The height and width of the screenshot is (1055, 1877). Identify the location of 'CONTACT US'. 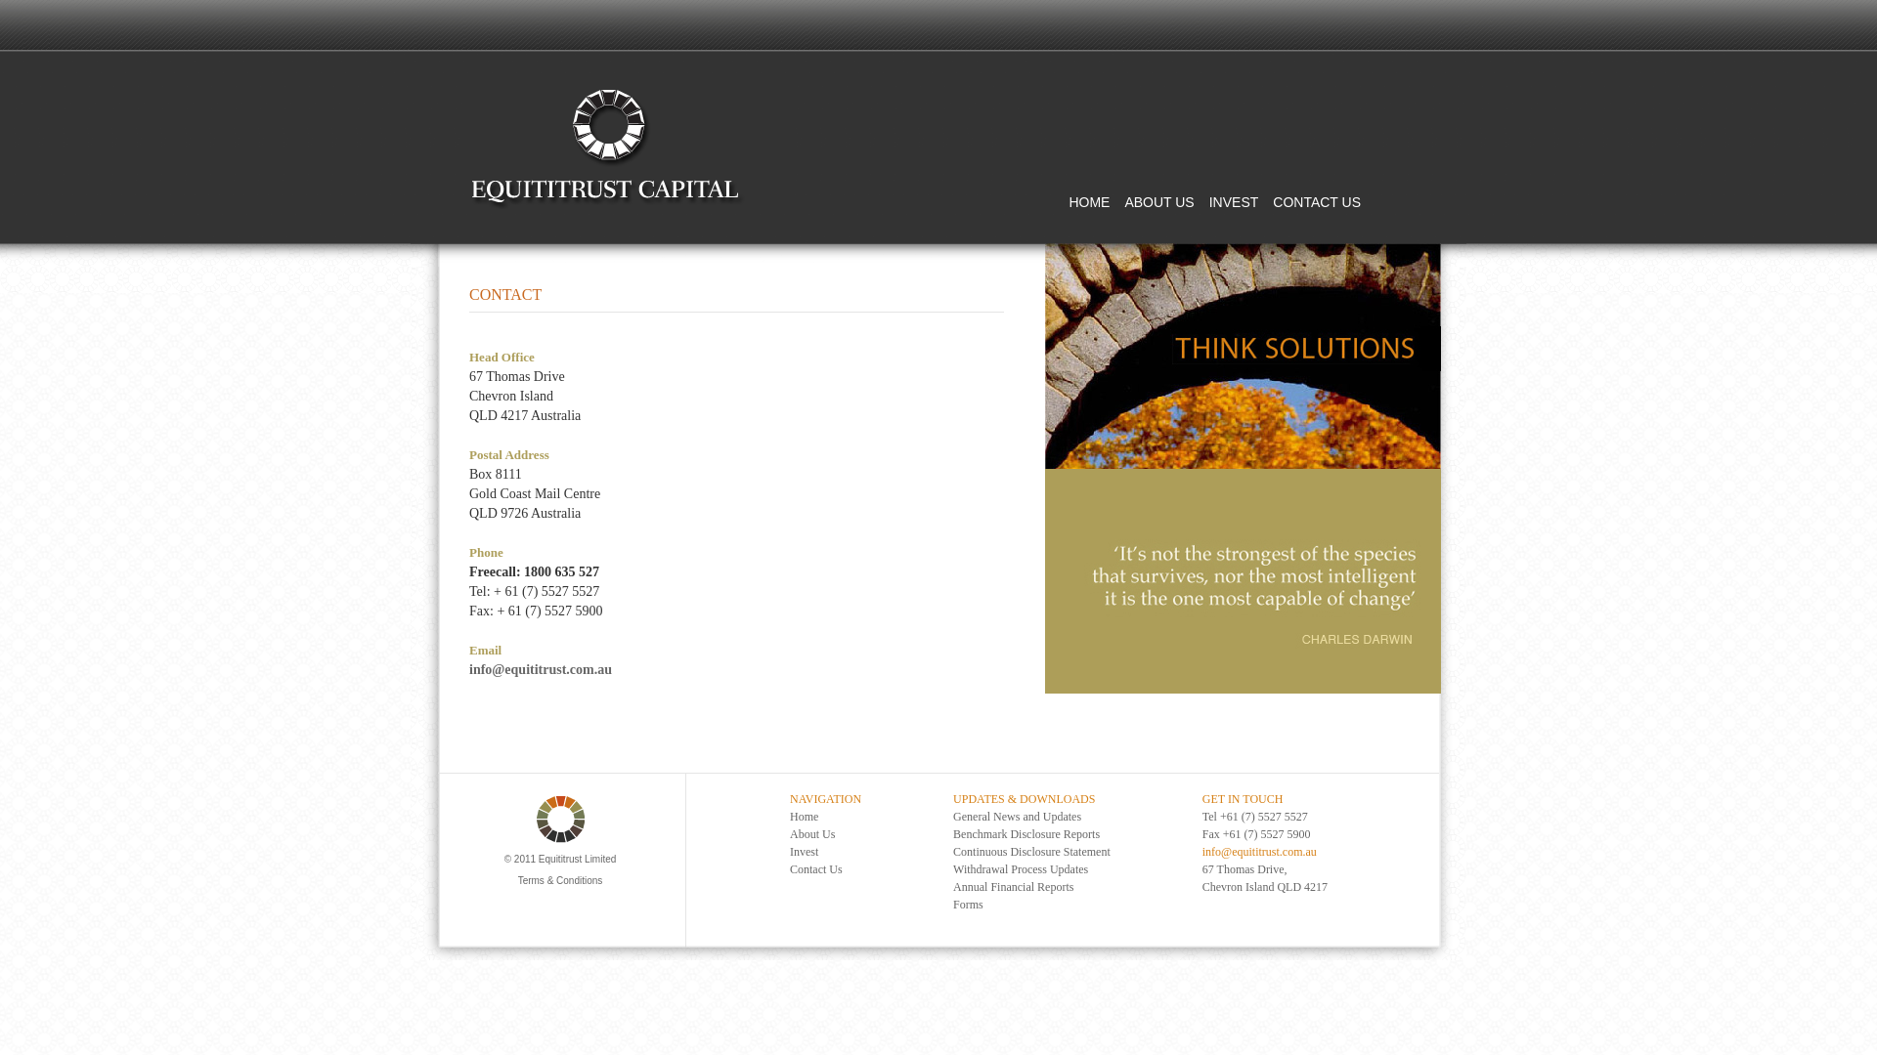
(1317, 202).